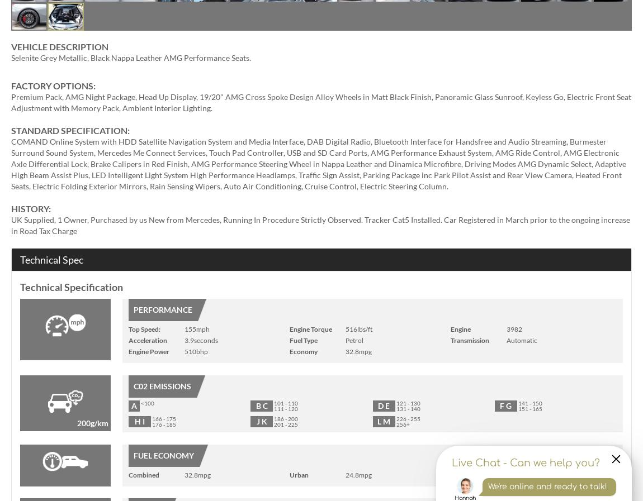 The width and height of the screenshot is (643, 501). Describe the element at coordinates (11, 130) in the screenshot. I see `'STANDARD SPECIFICATION:'` at that location.